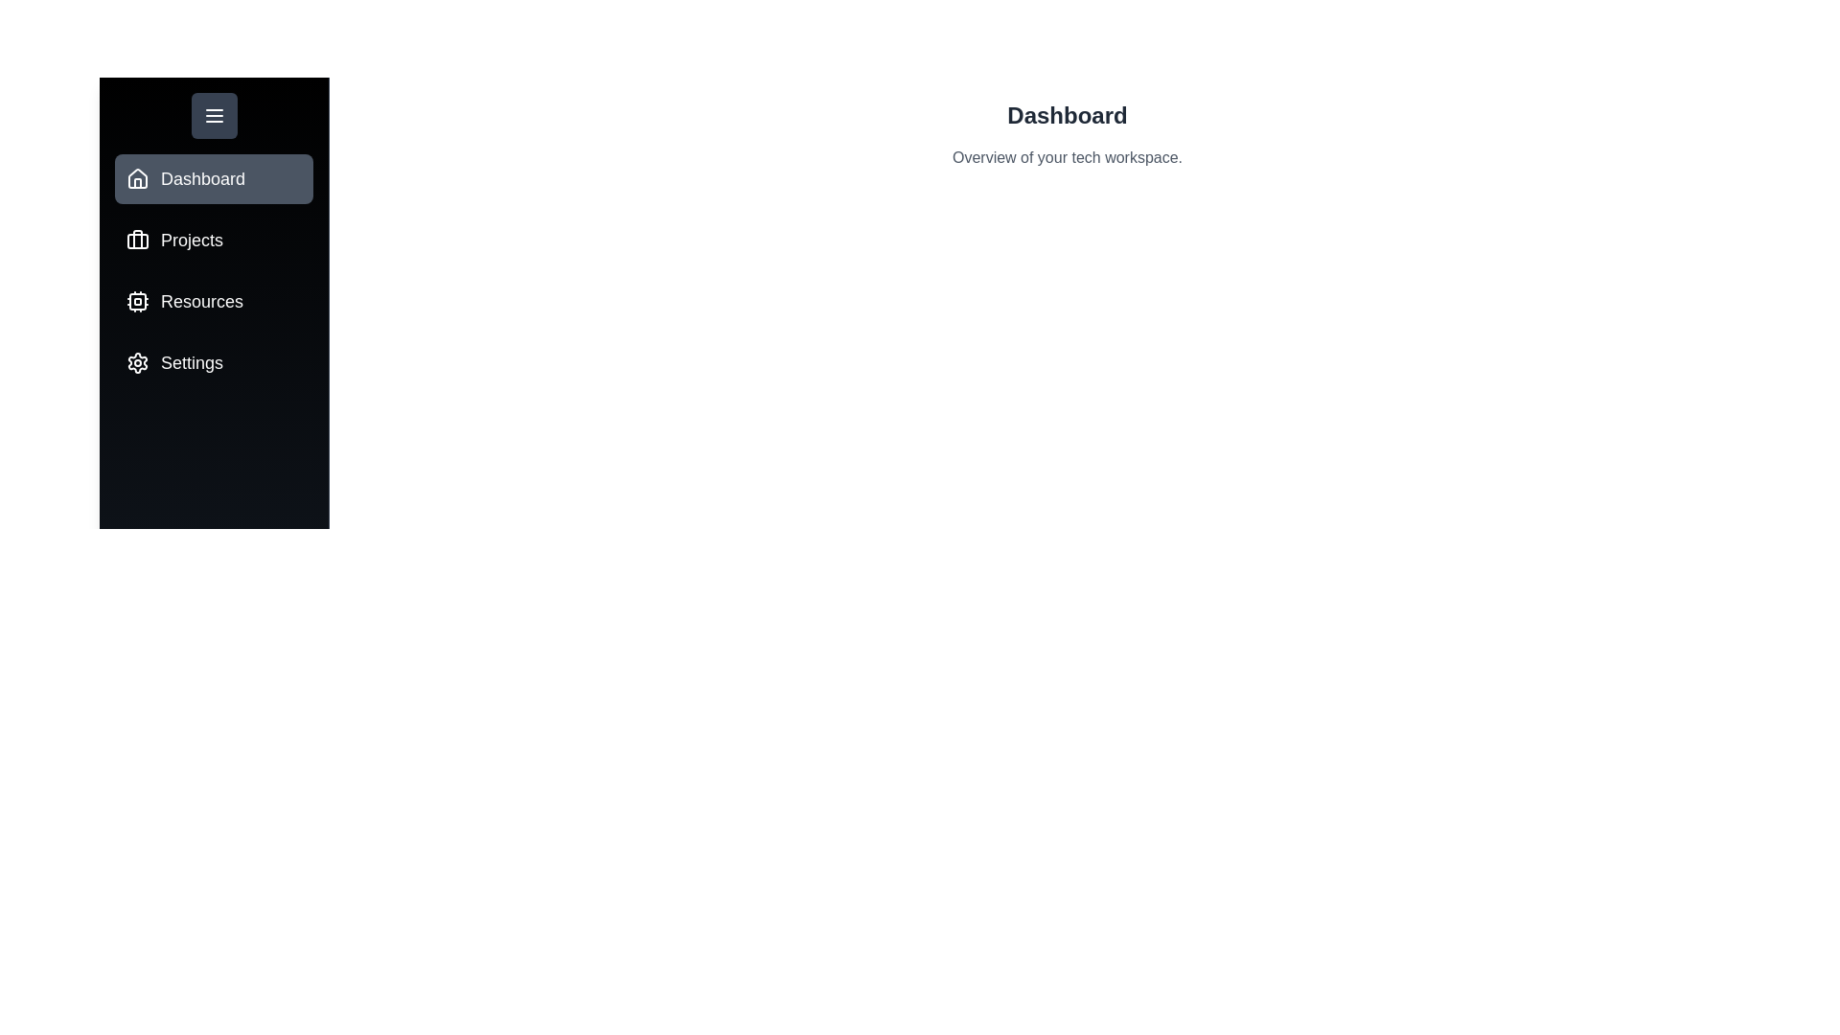 This screenshot has height=1035, width=1840. Describe the element at coordinates (214, 178) in the screenshot. I see `the tab Dashboard from the available options` at that location.